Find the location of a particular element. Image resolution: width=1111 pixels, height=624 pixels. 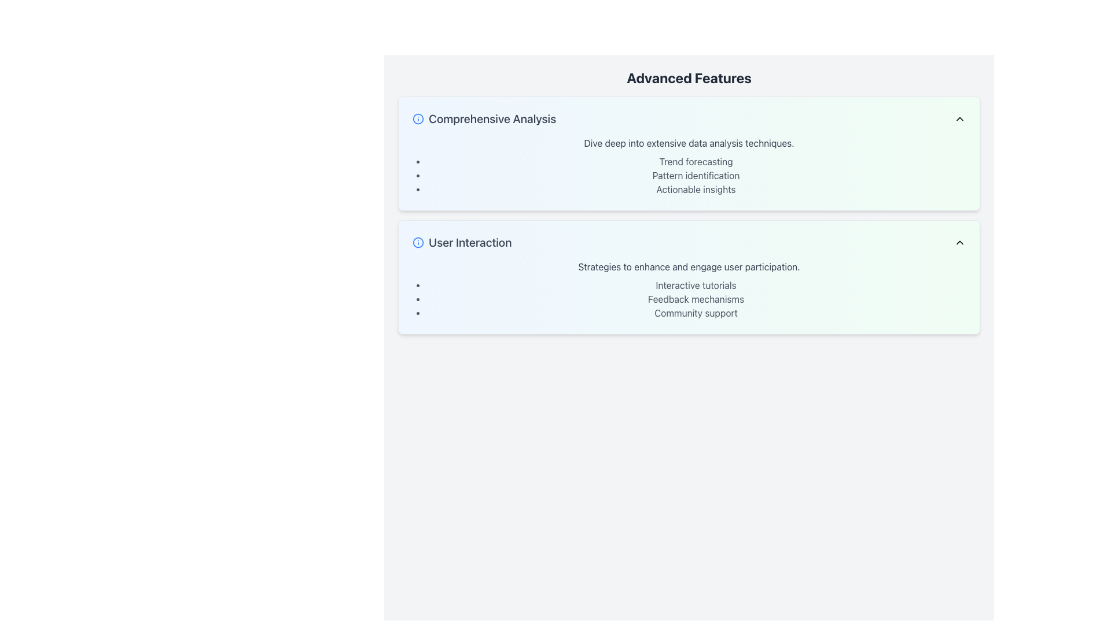

text content of the bulleted list in the second major text block located in the lower part of the 'User Interaction' card in the 'Advanced Features' section is located at coordinates (689, 289).